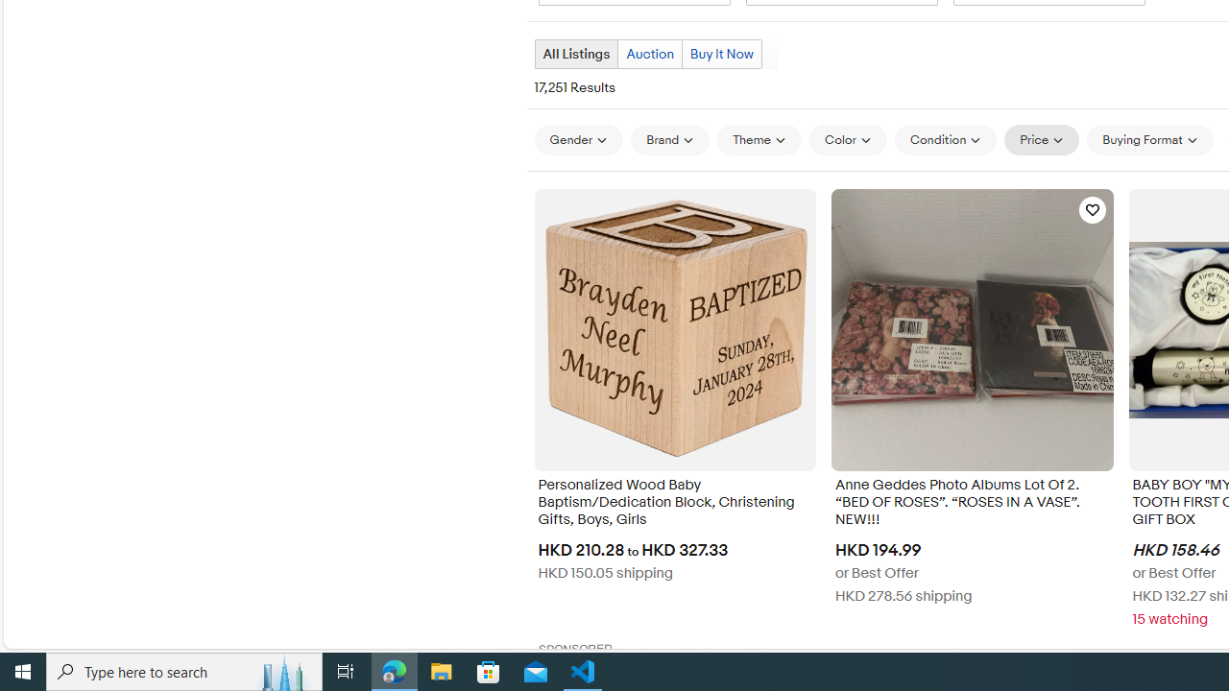 The height and width of the screenshot is (691, 1229). Describe the element at coordinates (720, 53) in the screenshot. I see `'Buy It Now'` at that location.